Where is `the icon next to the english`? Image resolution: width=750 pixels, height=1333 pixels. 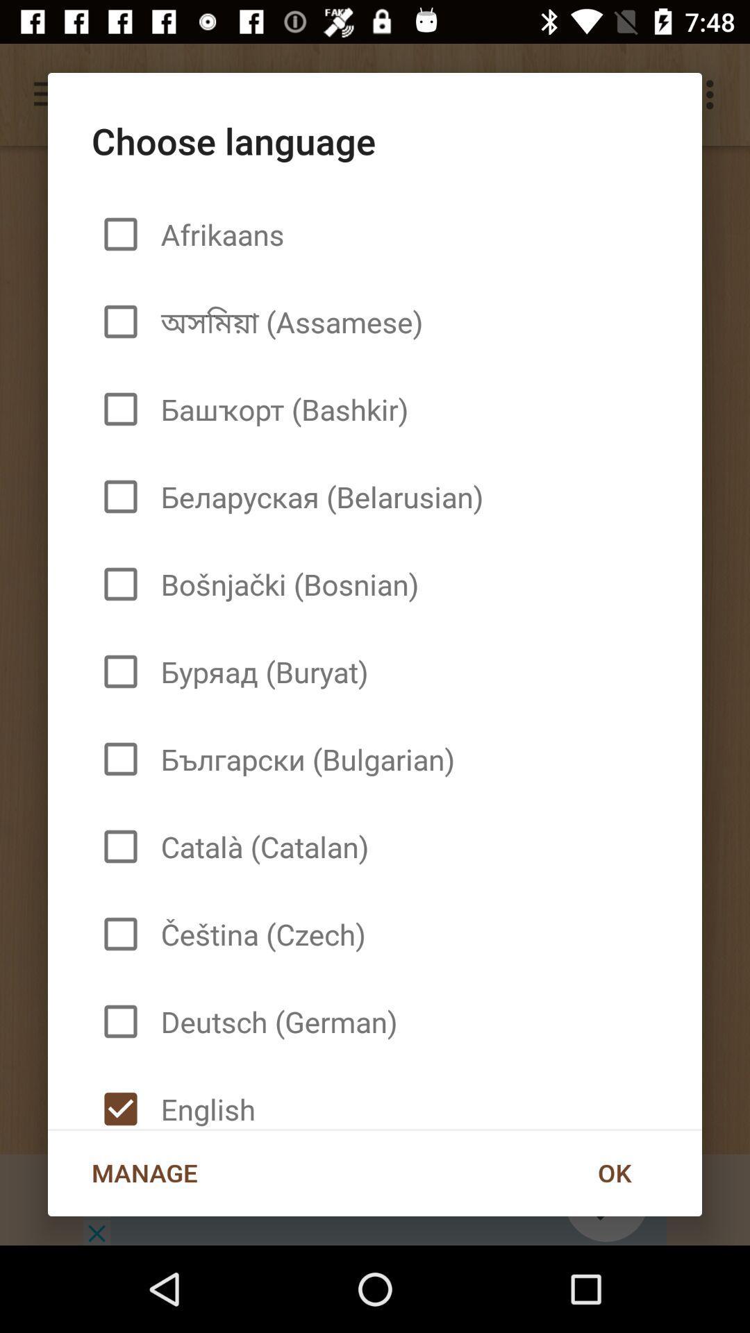
the icon next to the english is located at coordinates (613, 1172).